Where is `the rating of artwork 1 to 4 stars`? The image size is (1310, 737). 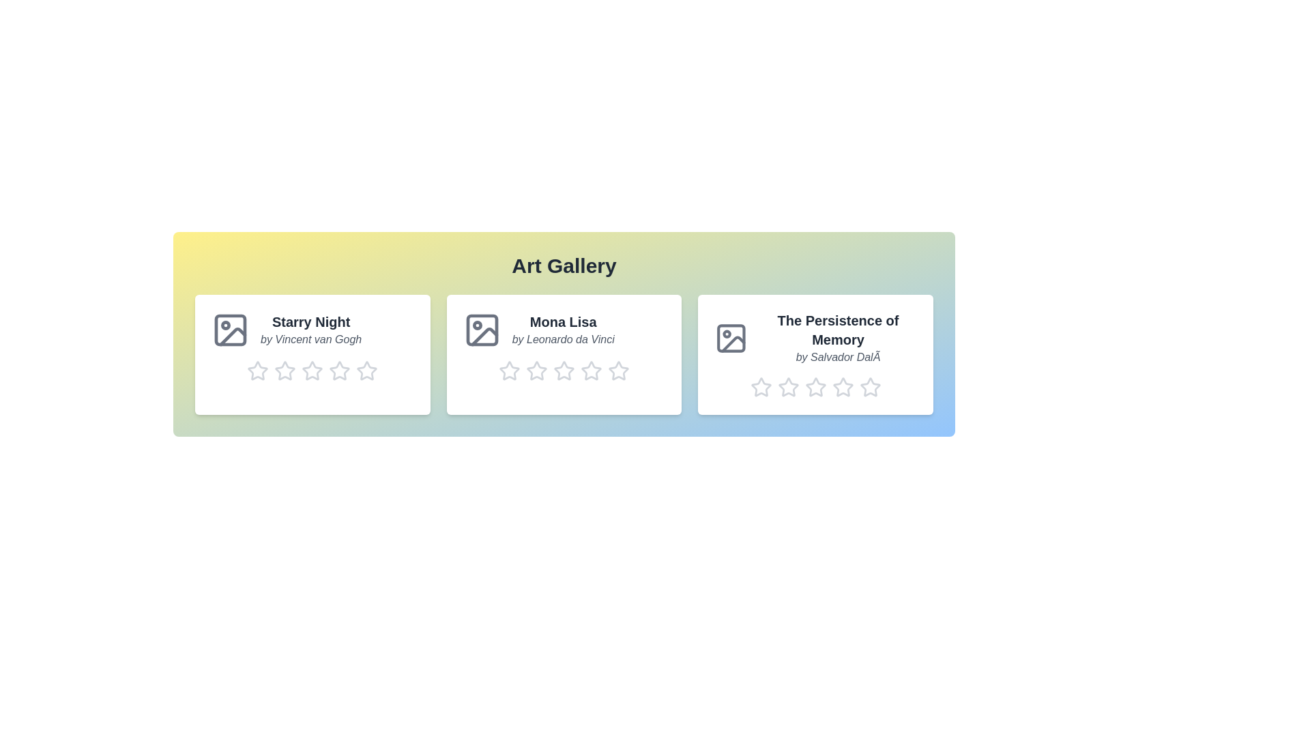 the rating of artwork 1 to 4 stars is located at coordinates (328, 371).